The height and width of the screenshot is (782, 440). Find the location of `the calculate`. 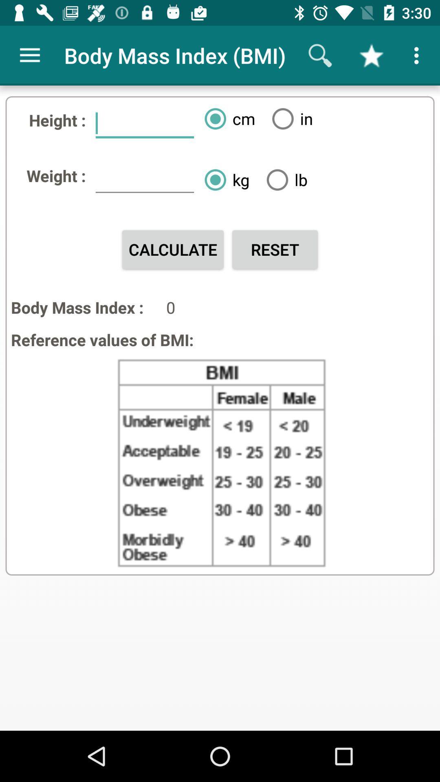

the calculate is located at coordinates (172, 249).